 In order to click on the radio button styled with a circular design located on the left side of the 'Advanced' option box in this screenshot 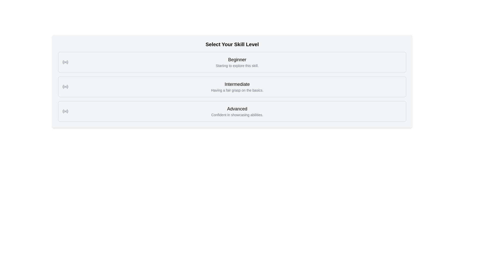, I will do `click(65, 111)`.